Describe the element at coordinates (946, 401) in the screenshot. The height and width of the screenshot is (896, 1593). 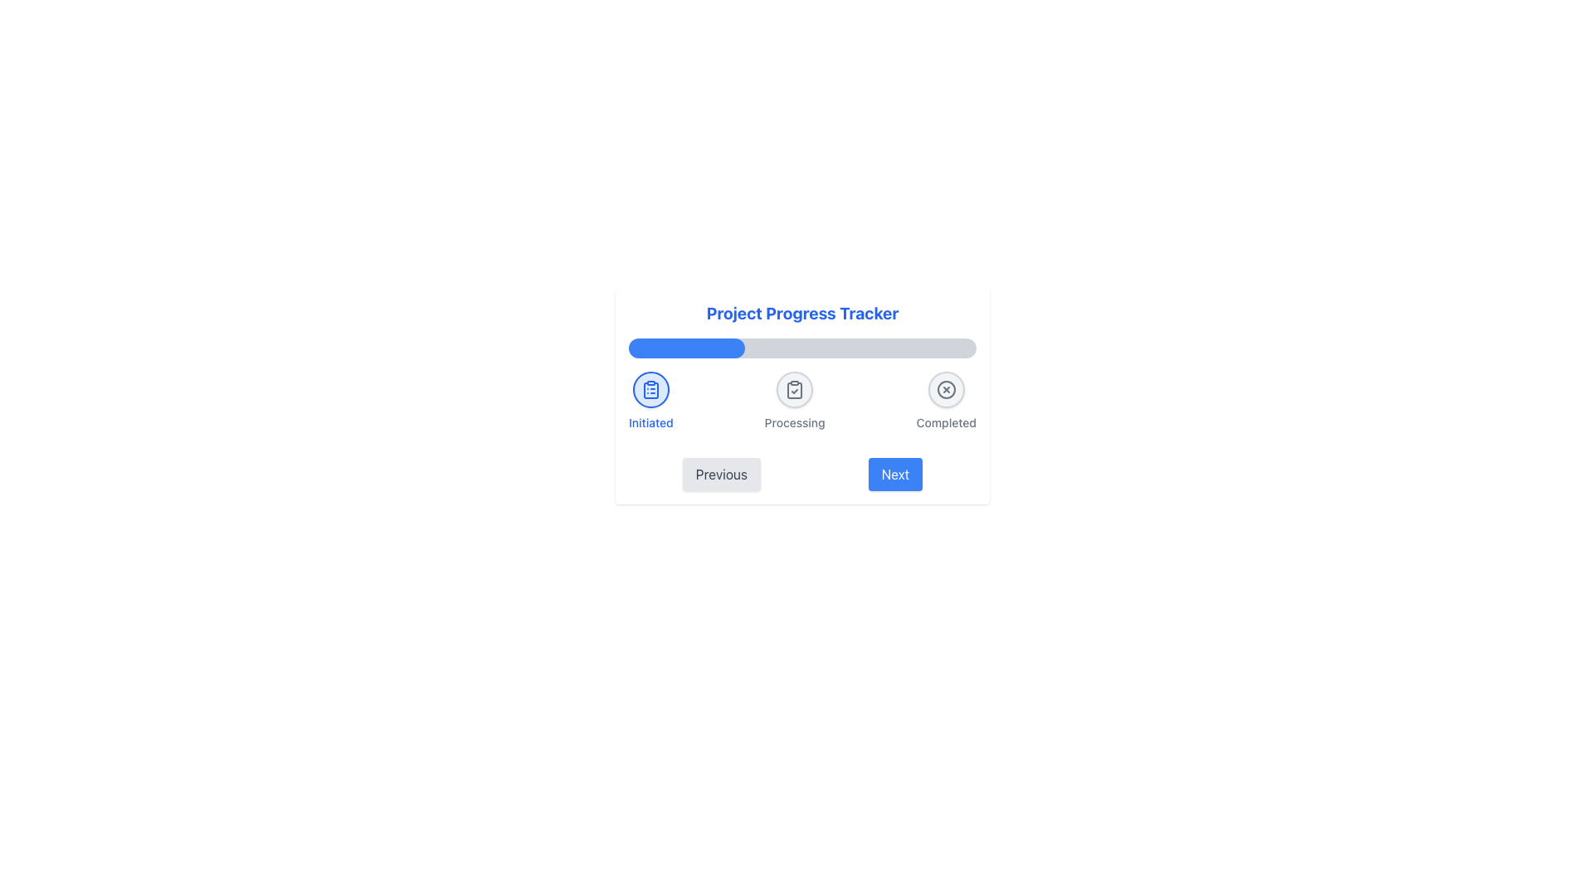
I see `the 'Completed' status indicator in the project's progress tracker, which is the third element in a group of progress indicators labeled 'Initiated', 'Processing', and 'Completed'` at that location.